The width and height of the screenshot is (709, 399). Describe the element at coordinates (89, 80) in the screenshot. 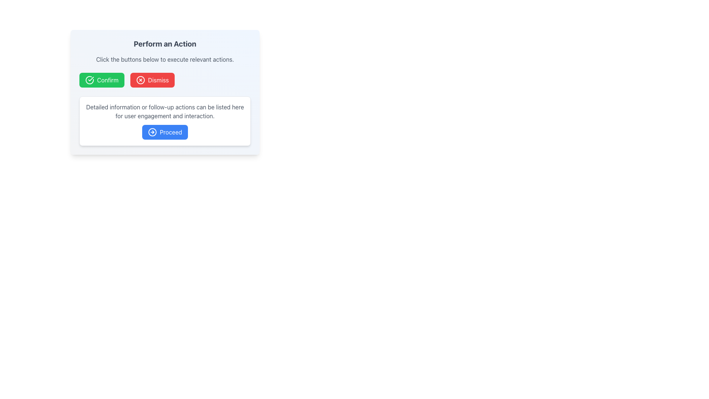

I see `the icon located to the left of the 'Confirm' label in the button, which is positioned in the top-left part of the user interface` at that location.